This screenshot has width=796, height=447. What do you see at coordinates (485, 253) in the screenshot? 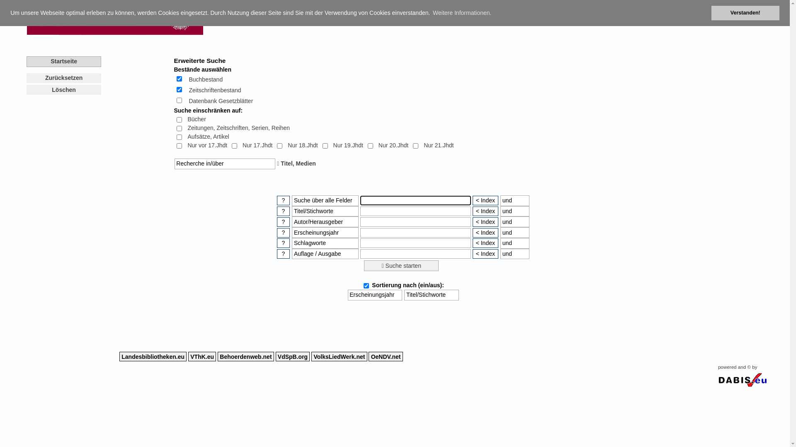
I see `'< Index'` at bounding box center [485, 253].